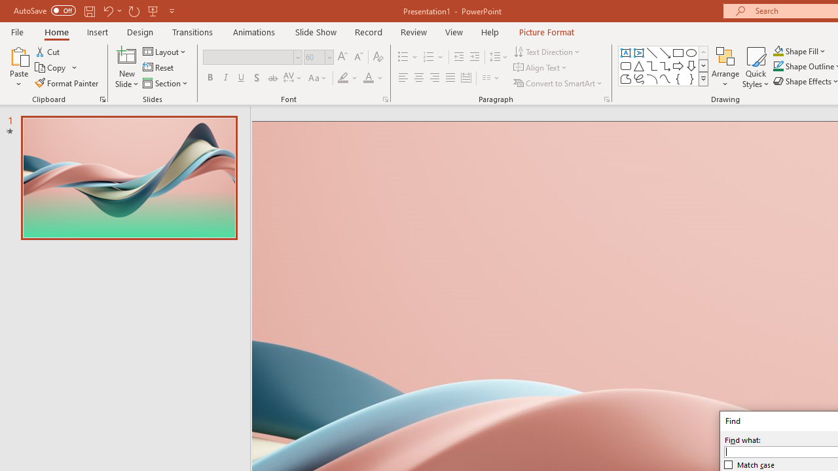 The width and height of the screenshot is (838, 471). Describe the element at coordinates (257, 78) in the screenshot. I see `'Shadow'` at that location.